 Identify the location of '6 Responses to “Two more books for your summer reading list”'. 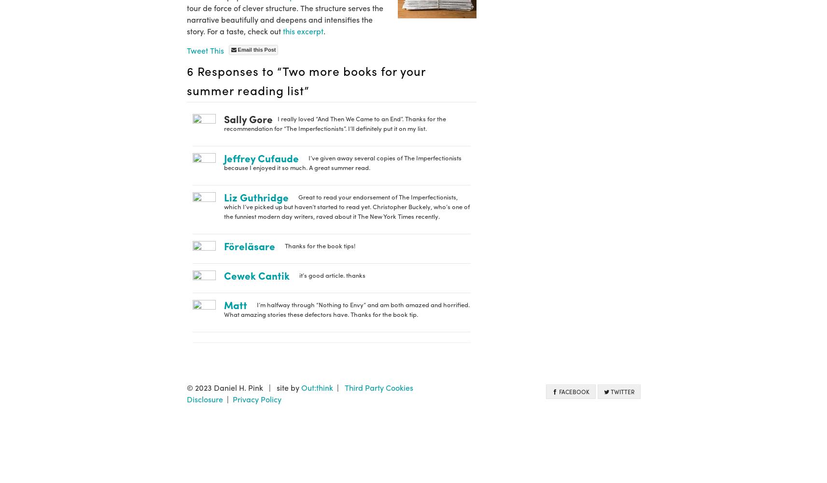
(306, 80).